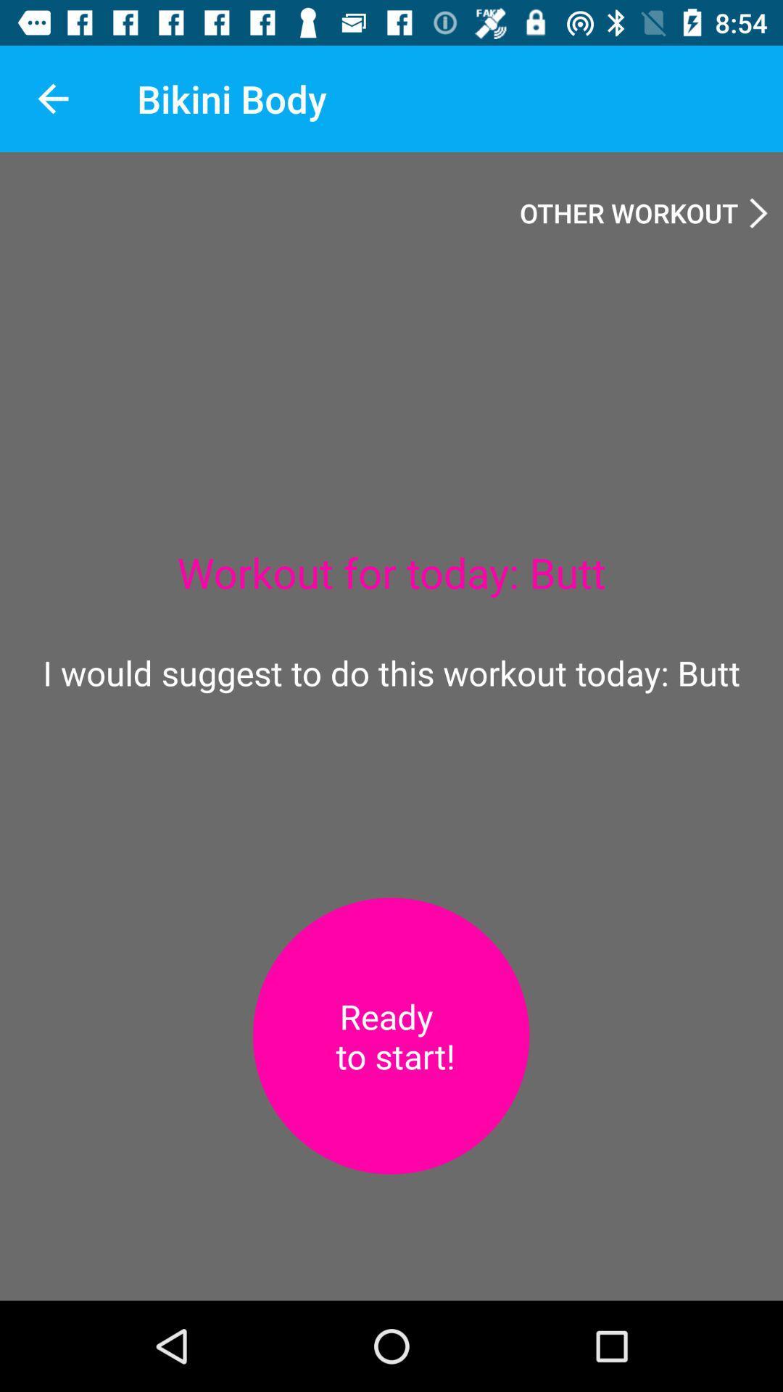 This screenshot has width=783, height=1392. Describe the element at coordinates (390, 1035) in the screenshot. I see `press to start` at that location.